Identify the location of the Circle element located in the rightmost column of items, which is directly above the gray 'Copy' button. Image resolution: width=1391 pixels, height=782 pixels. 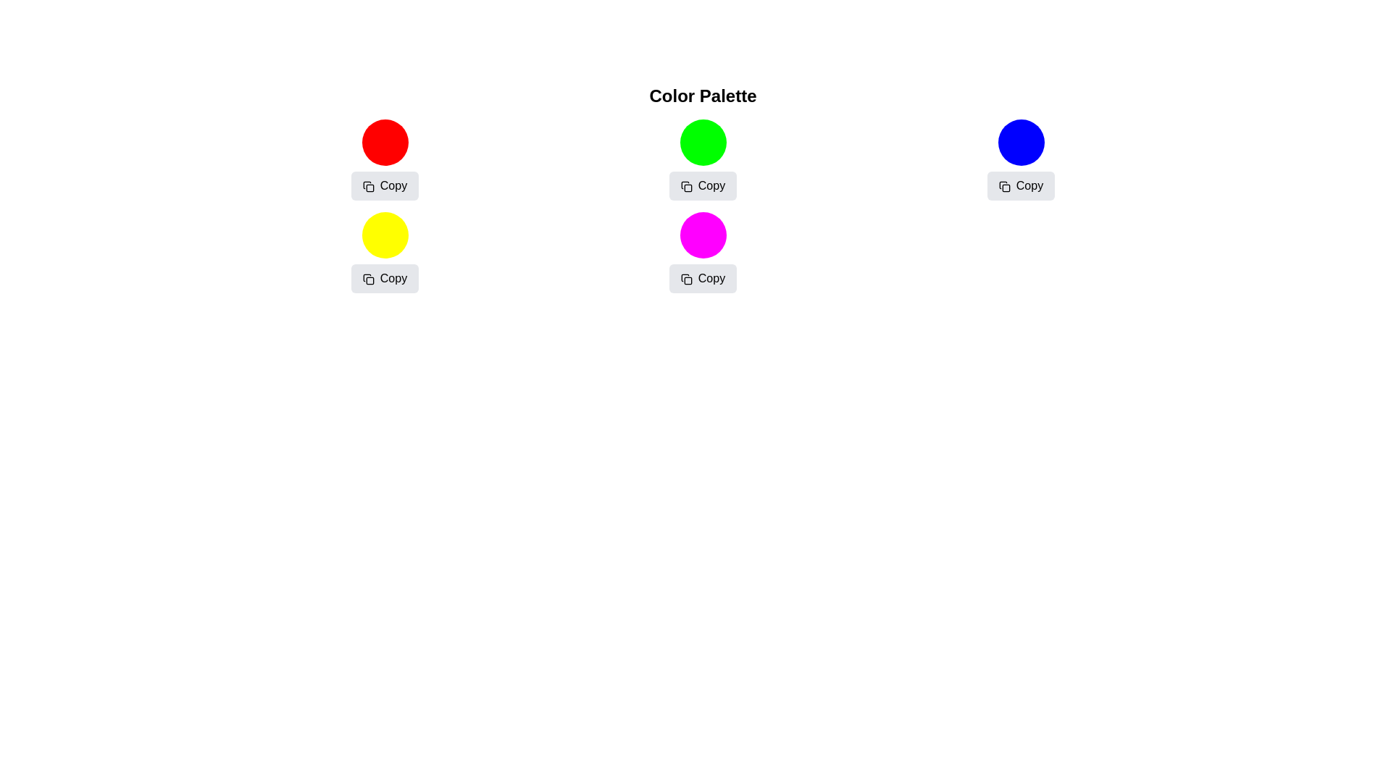
(1020, 142).